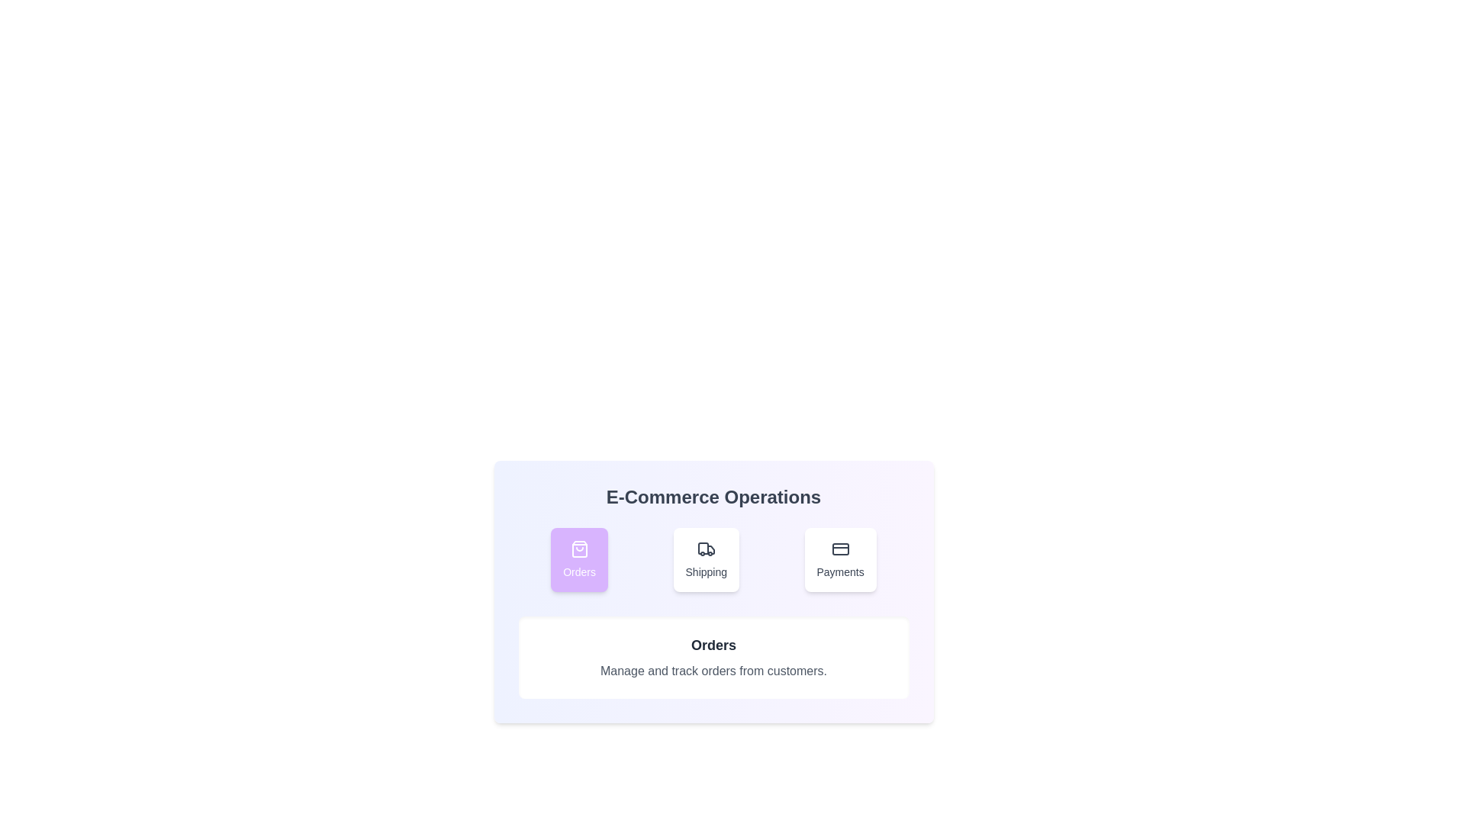  What do you see at coordinates (713, 559) in the screenshot?
I see `the 'Shipping' navigation button located in the middle of the 'E-Commerce Operations' section` at bounding box center [713, 559].